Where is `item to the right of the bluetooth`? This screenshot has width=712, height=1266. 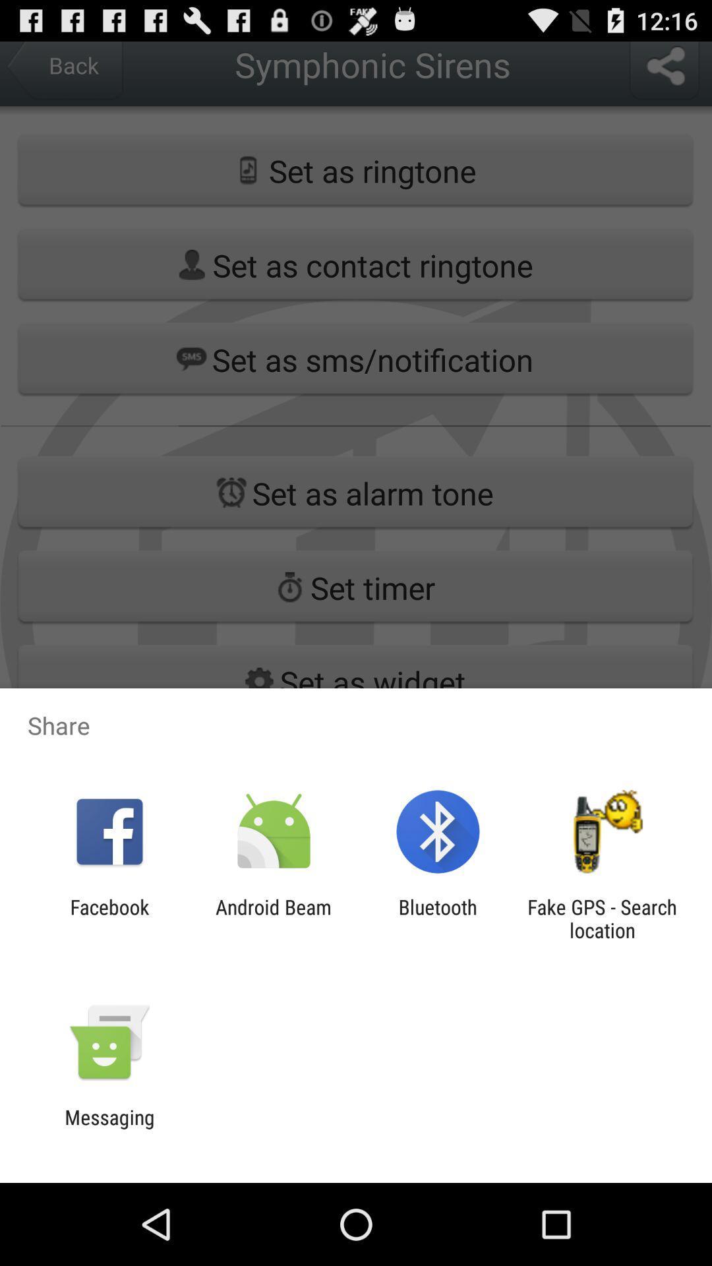
item to the right of the bluetooth is located at coordinates (602, 918).